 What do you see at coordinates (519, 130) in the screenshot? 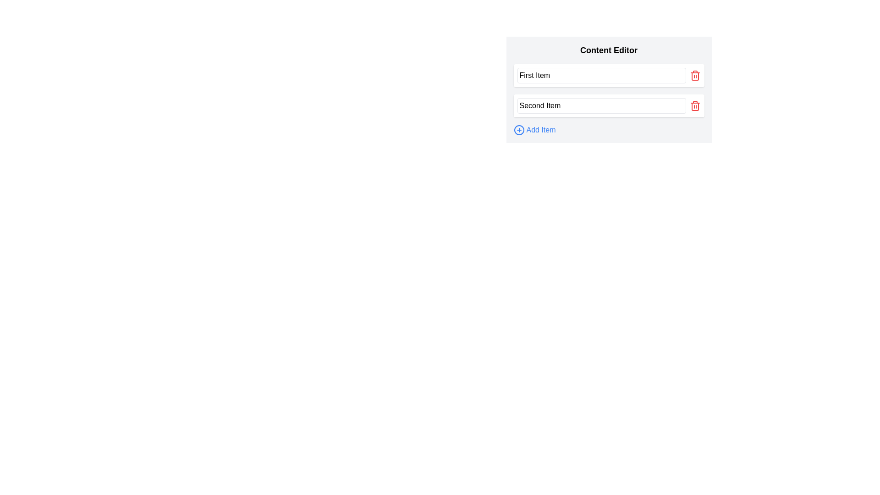
I see `the circular icon with a blue outline and a cross symbol indicating addition, located to the left of the 'Add Item' text` at bounding box center [519, 130].